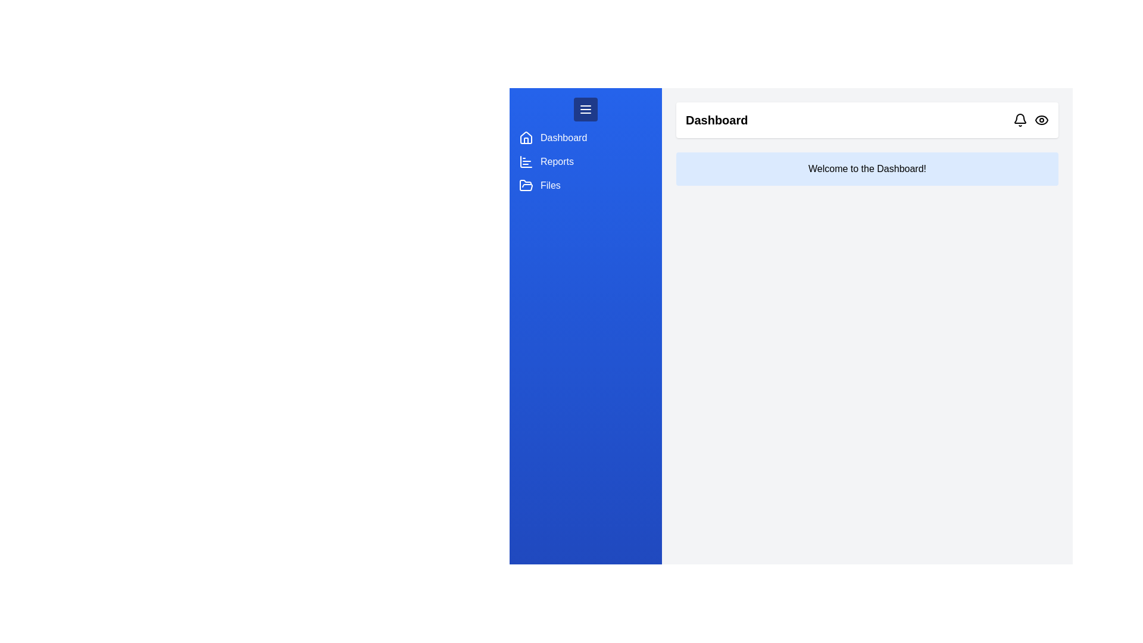 The image size is (1143, 643). Describe the element at coordinates (549, 186) in the screenshot. I see `the 'Files' text label element, which is displayed in white font on a blue background and is the third item in the vertical navigation menu on the left side of the interface` at that location.